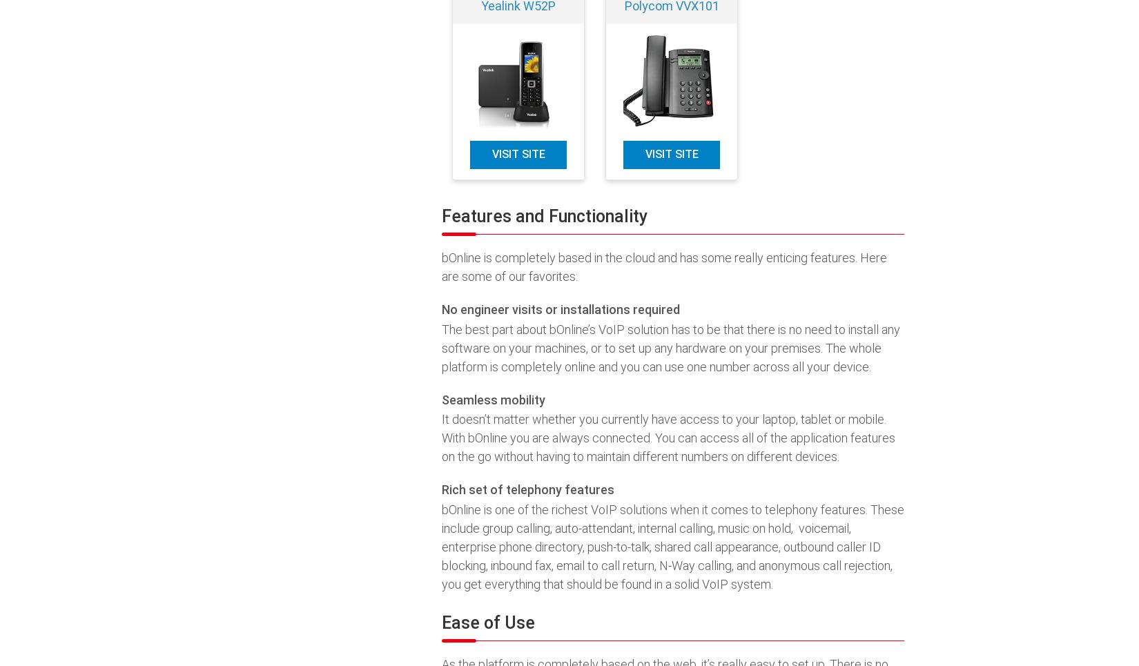  I want to click on 'Rich set of telephony features', so click(527, 489).